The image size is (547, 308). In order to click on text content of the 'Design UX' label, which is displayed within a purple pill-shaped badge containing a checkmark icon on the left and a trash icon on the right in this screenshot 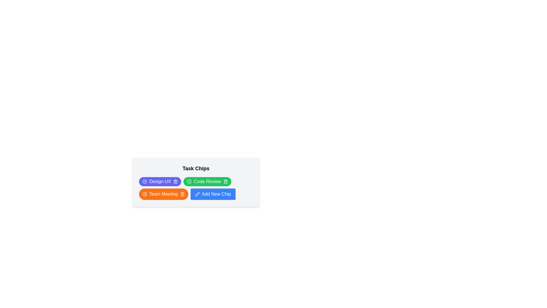, I will do `click(160, 181)`.